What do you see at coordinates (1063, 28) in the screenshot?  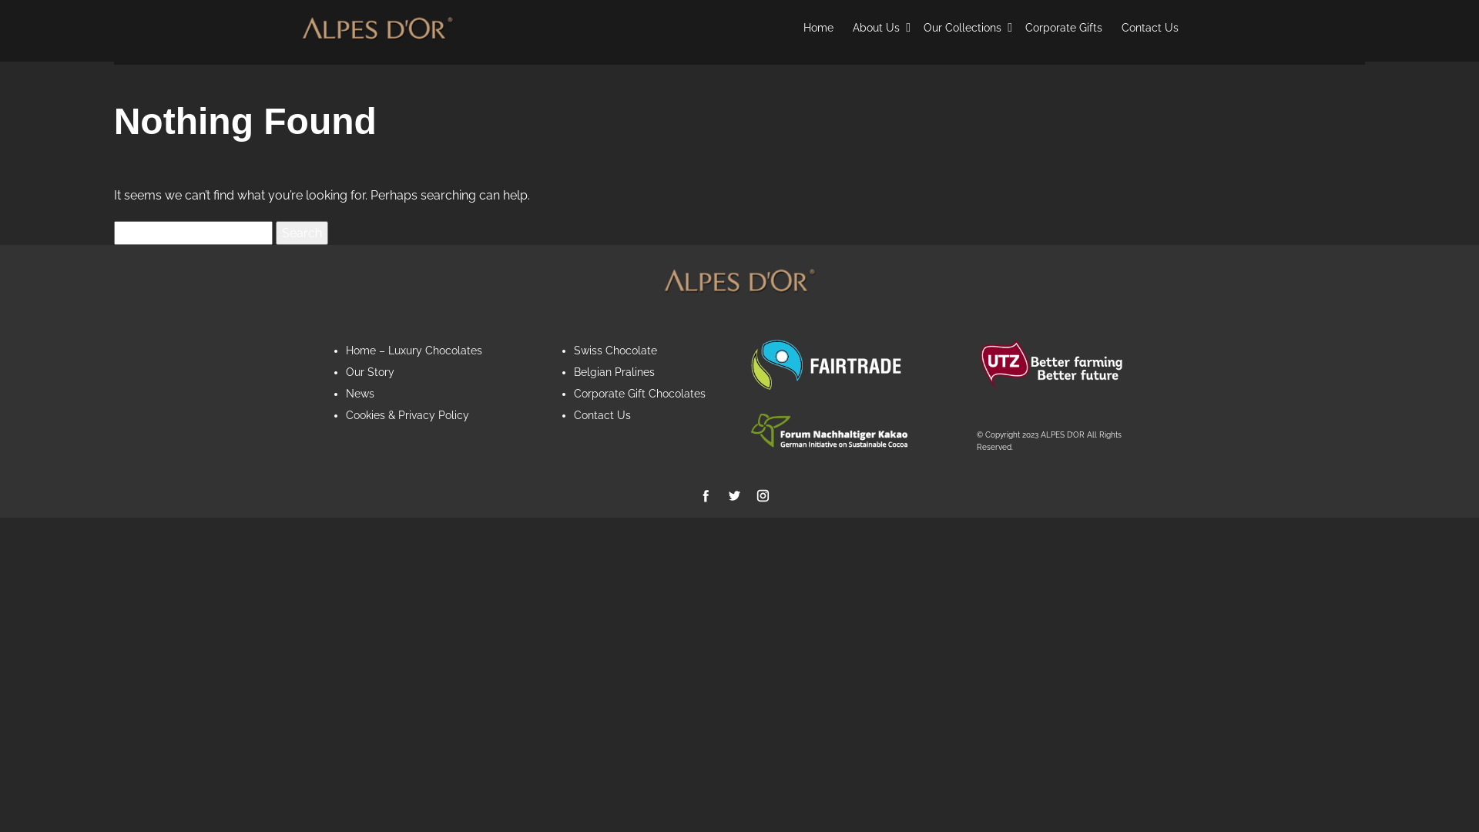 I see `'Corporate Gifts'` at bounding box center [1063, 28].